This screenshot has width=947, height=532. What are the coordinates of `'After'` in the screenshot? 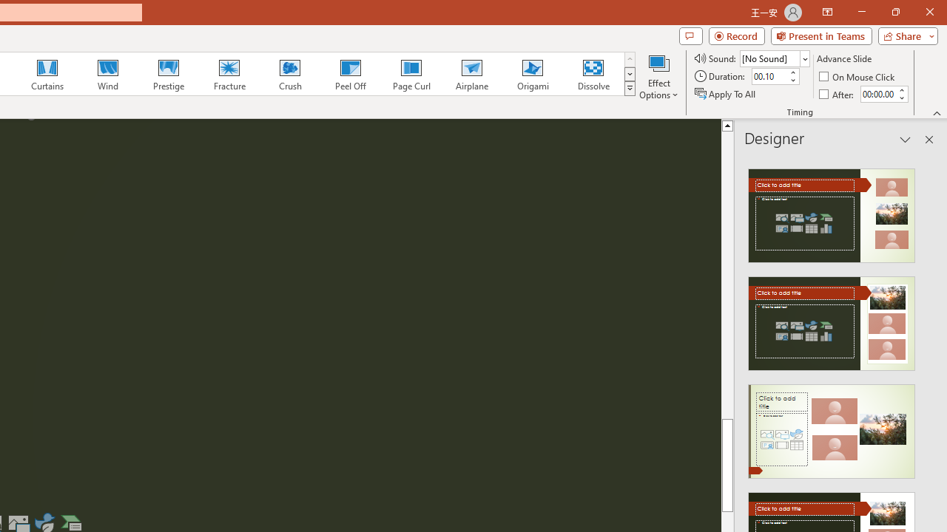 It's located at (838, 94).